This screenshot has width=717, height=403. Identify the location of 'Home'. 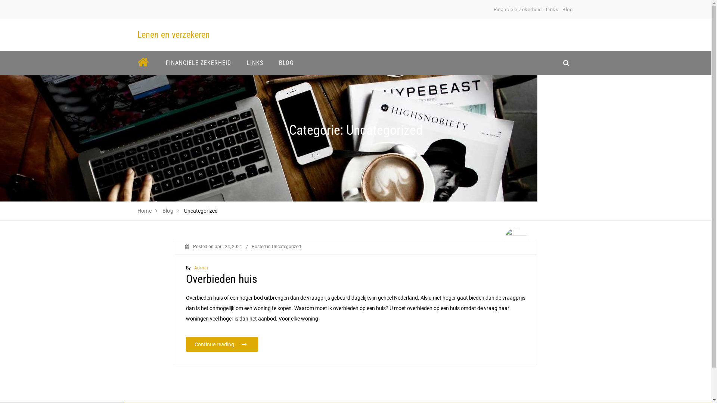
(145, 210).